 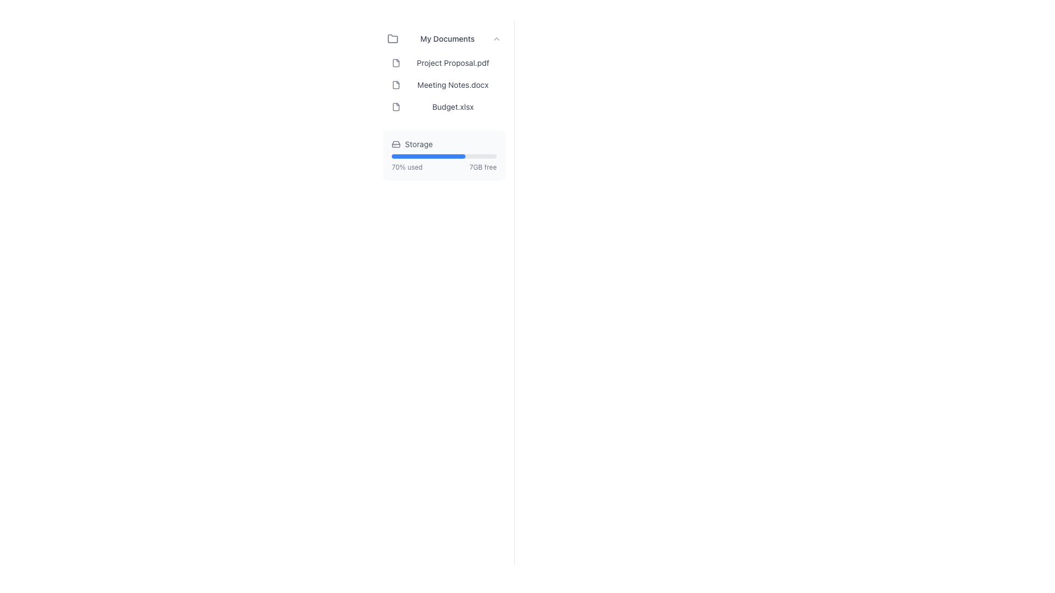 What do you see at coordinates (446, 84) in the screenshot?
I see `on the second list item representing the file 'Meeting Notes.docx' in the 'My Documents' section` at bounding box center [446, 84].